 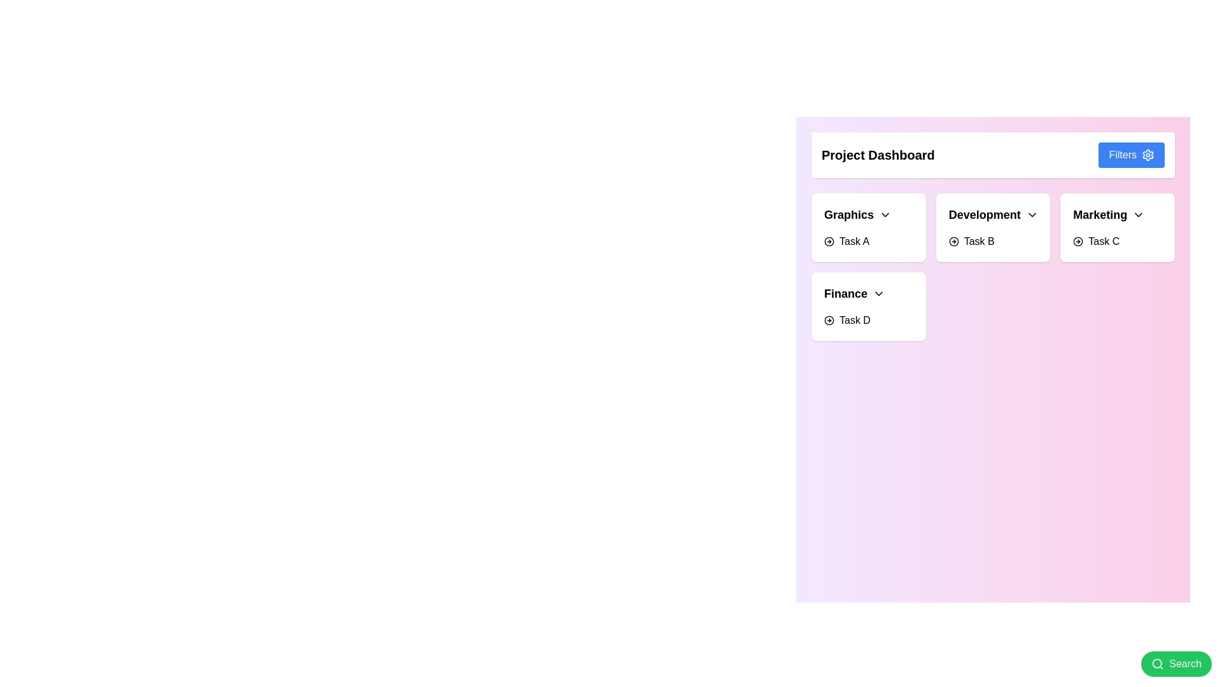 What do you see at coordinates (993, 214) in the screenshot?
I see `the 'Development' collapsible label with an icon` at bounding box center [993, 214].